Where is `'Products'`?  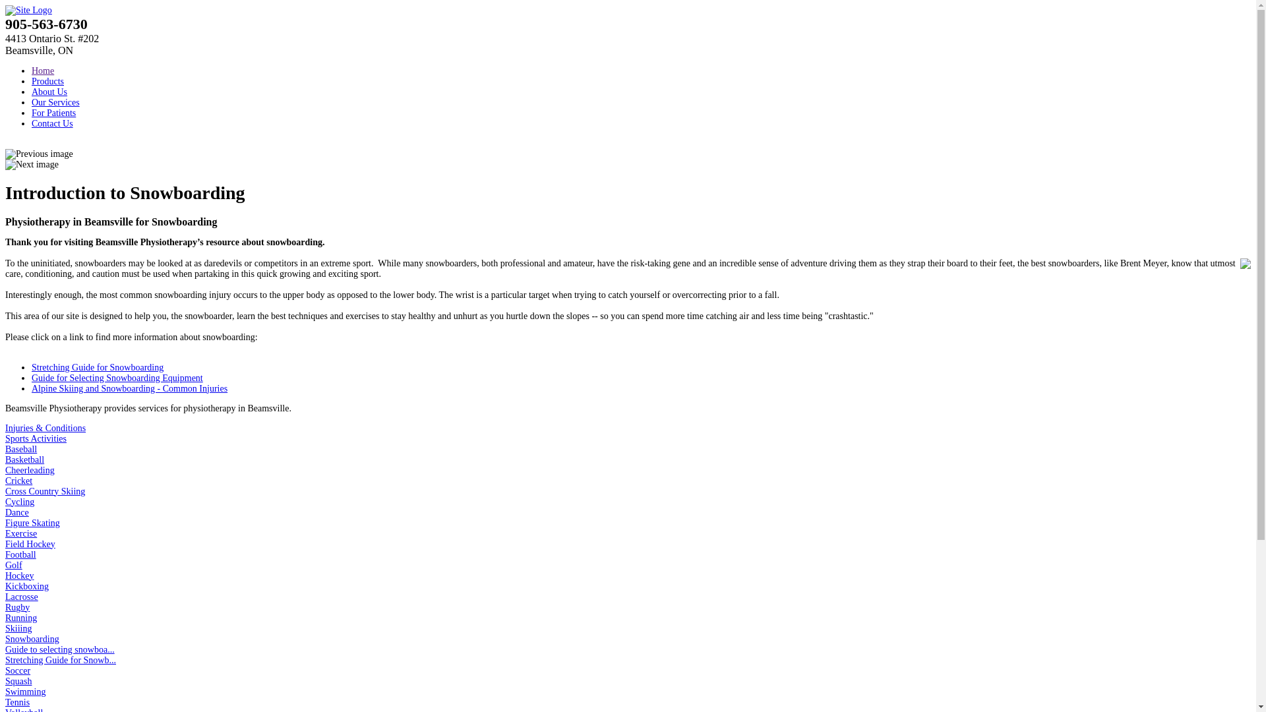
'Products' is located at coordinates (47, 81).